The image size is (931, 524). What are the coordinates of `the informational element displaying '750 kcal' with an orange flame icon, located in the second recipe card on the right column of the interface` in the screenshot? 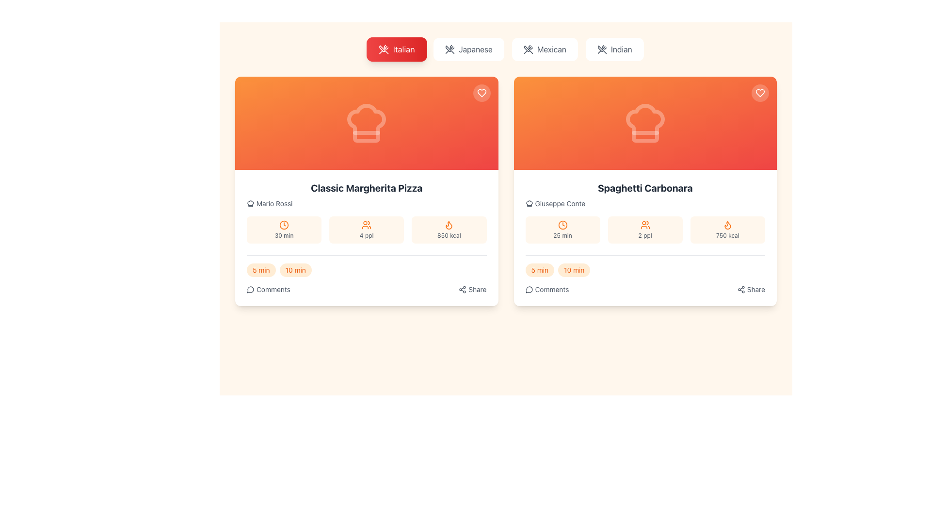 It's located at (727, 230).